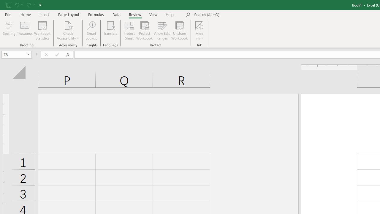  I want to click on 'Workbook Statistics', so click(42, 31).